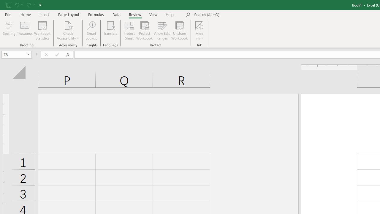  I want to click on 'Workbook Statistics', so click(42, 31).